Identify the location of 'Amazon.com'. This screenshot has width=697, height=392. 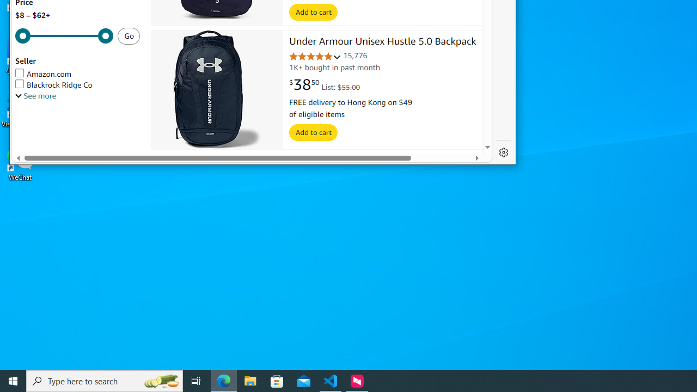
(44, 73).